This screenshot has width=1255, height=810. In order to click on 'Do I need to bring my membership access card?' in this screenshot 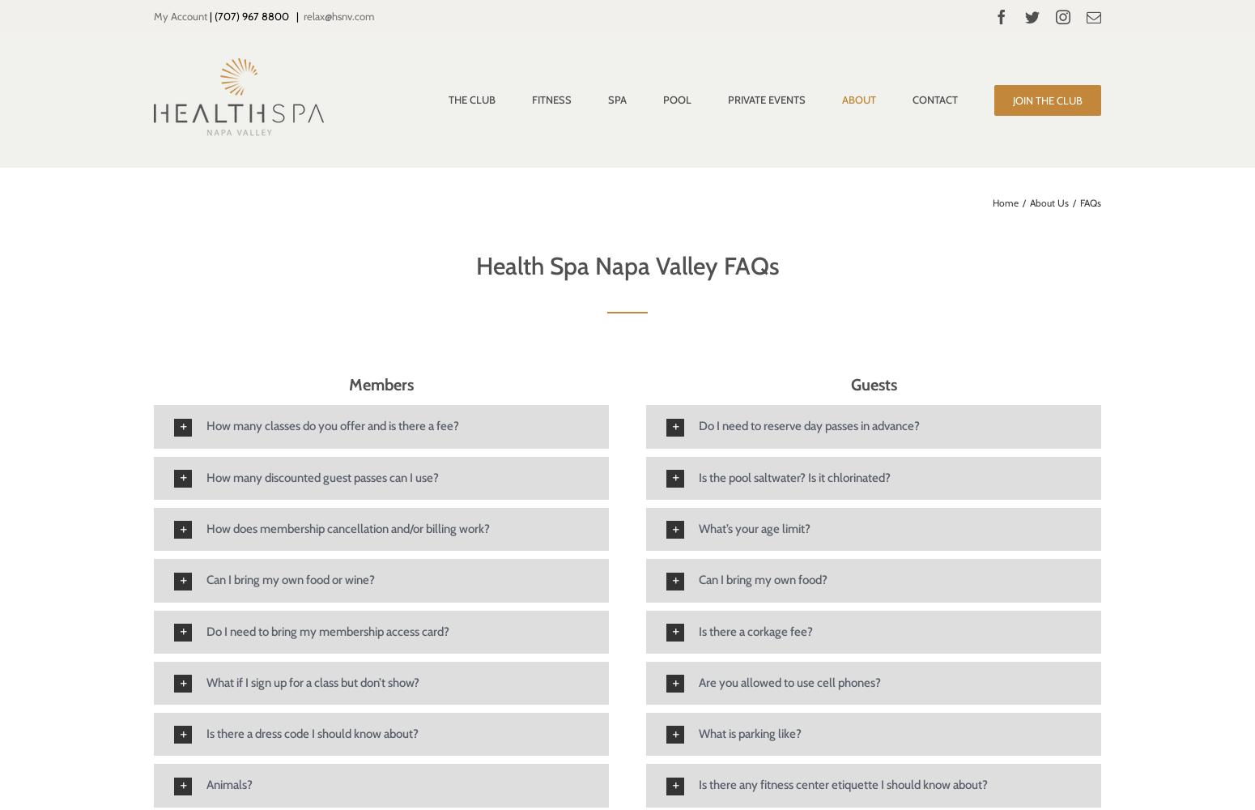, I will do `click(328, 631)`.